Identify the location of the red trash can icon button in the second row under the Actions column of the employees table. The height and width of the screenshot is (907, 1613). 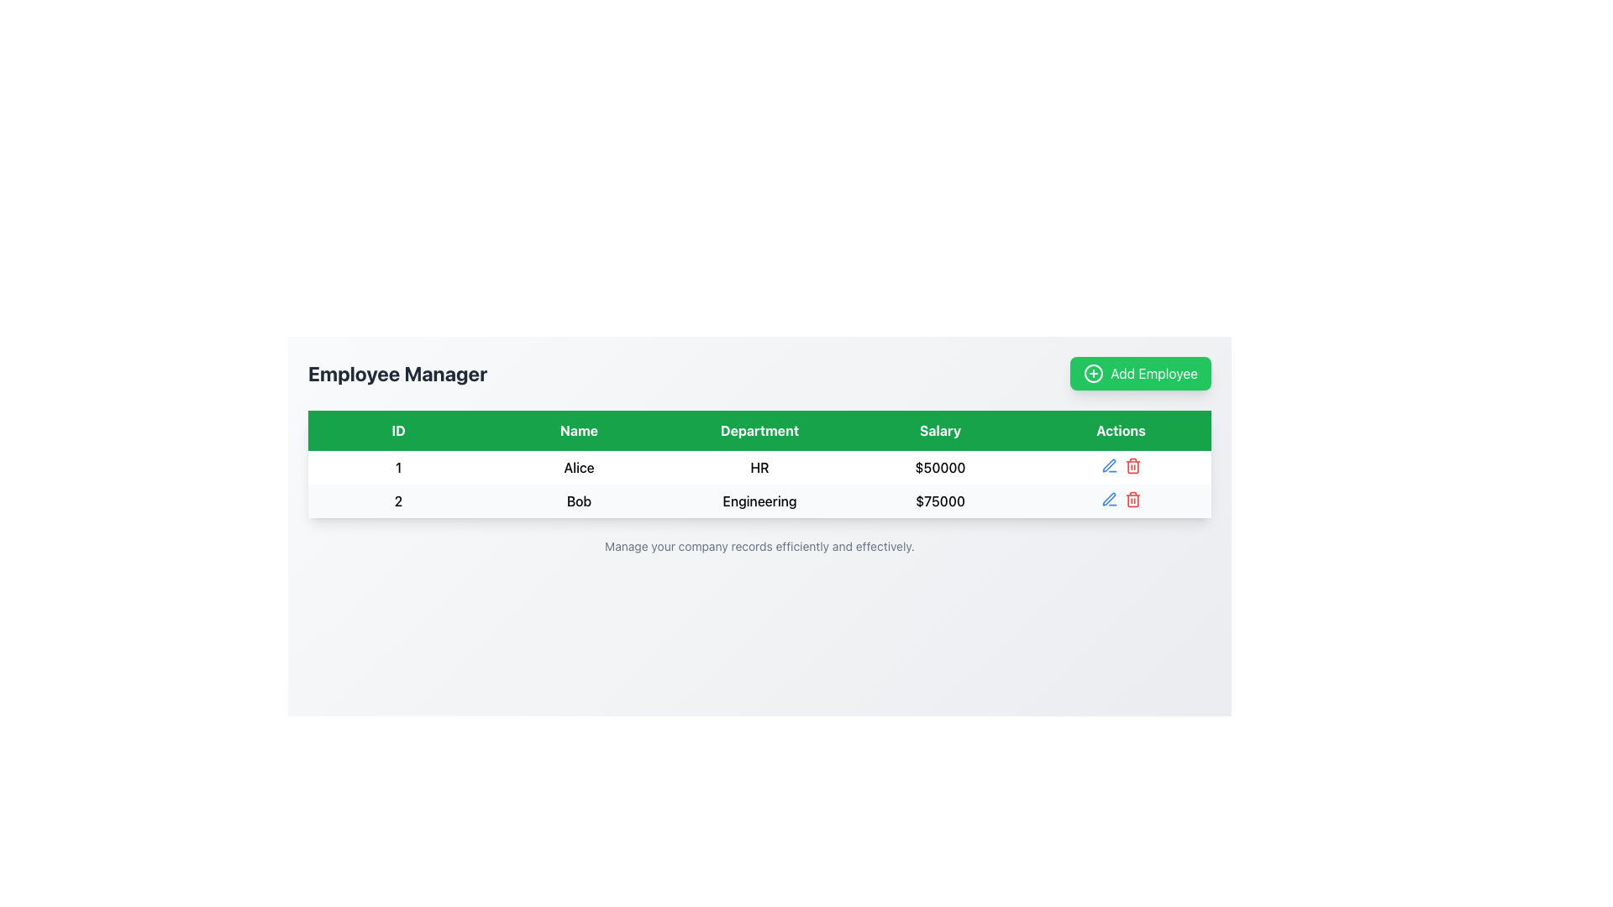
(1132, 466).